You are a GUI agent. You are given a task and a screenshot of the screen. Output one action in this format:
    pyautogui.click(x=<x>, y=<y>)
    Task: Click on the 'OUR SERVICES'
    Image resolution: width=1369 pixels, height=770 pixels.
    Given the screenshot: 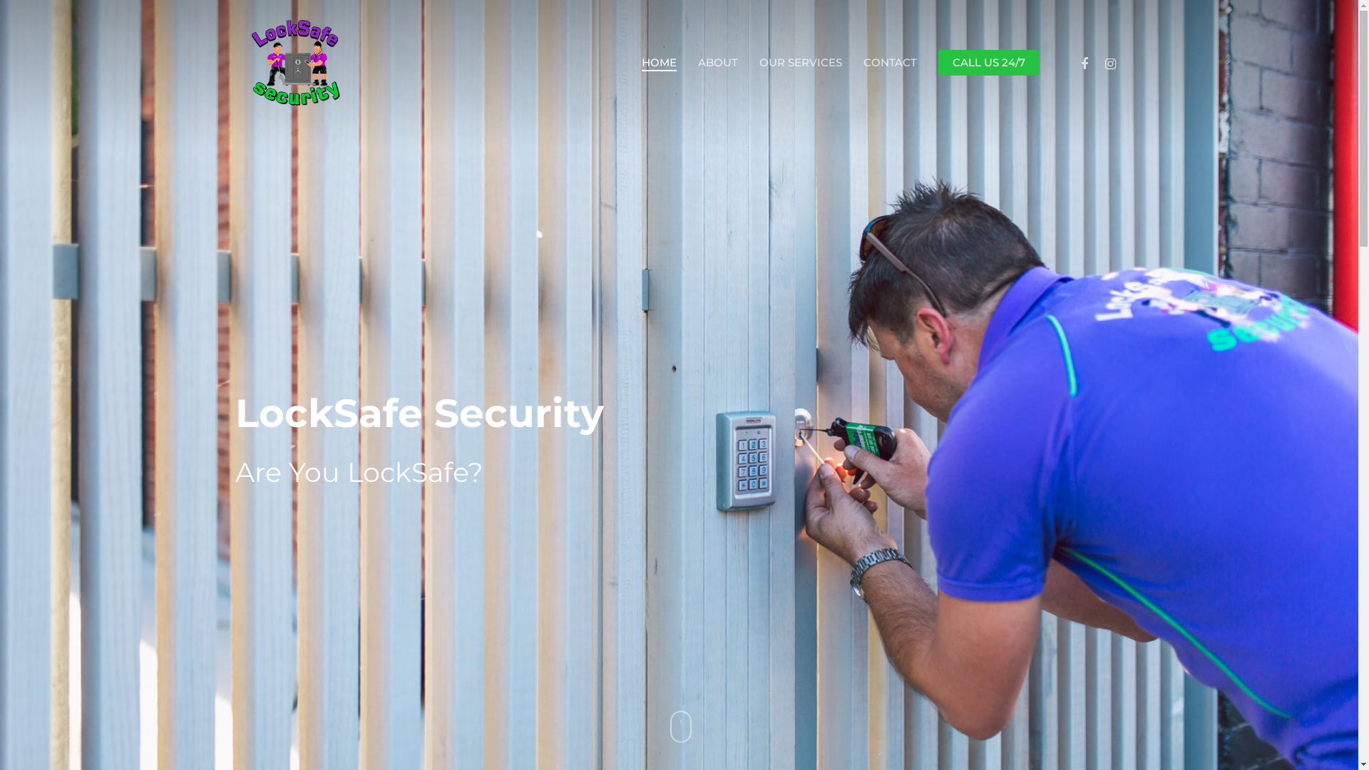 What is the action you would take?
    pyautogui.click(x=801, y=62)
    